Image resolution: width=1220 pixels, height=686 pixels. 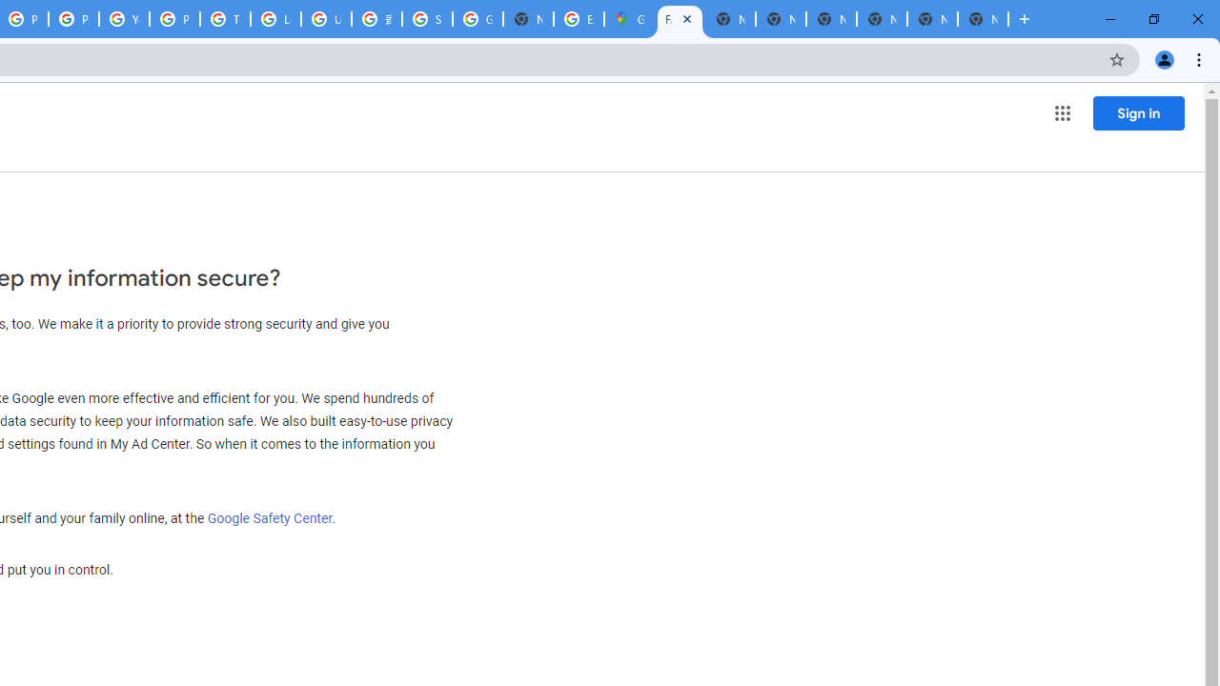 What do you see at coordinates (269, 517) in the screenshot?
I see `'Google Safety Center'` at bounding box center [269, 517].